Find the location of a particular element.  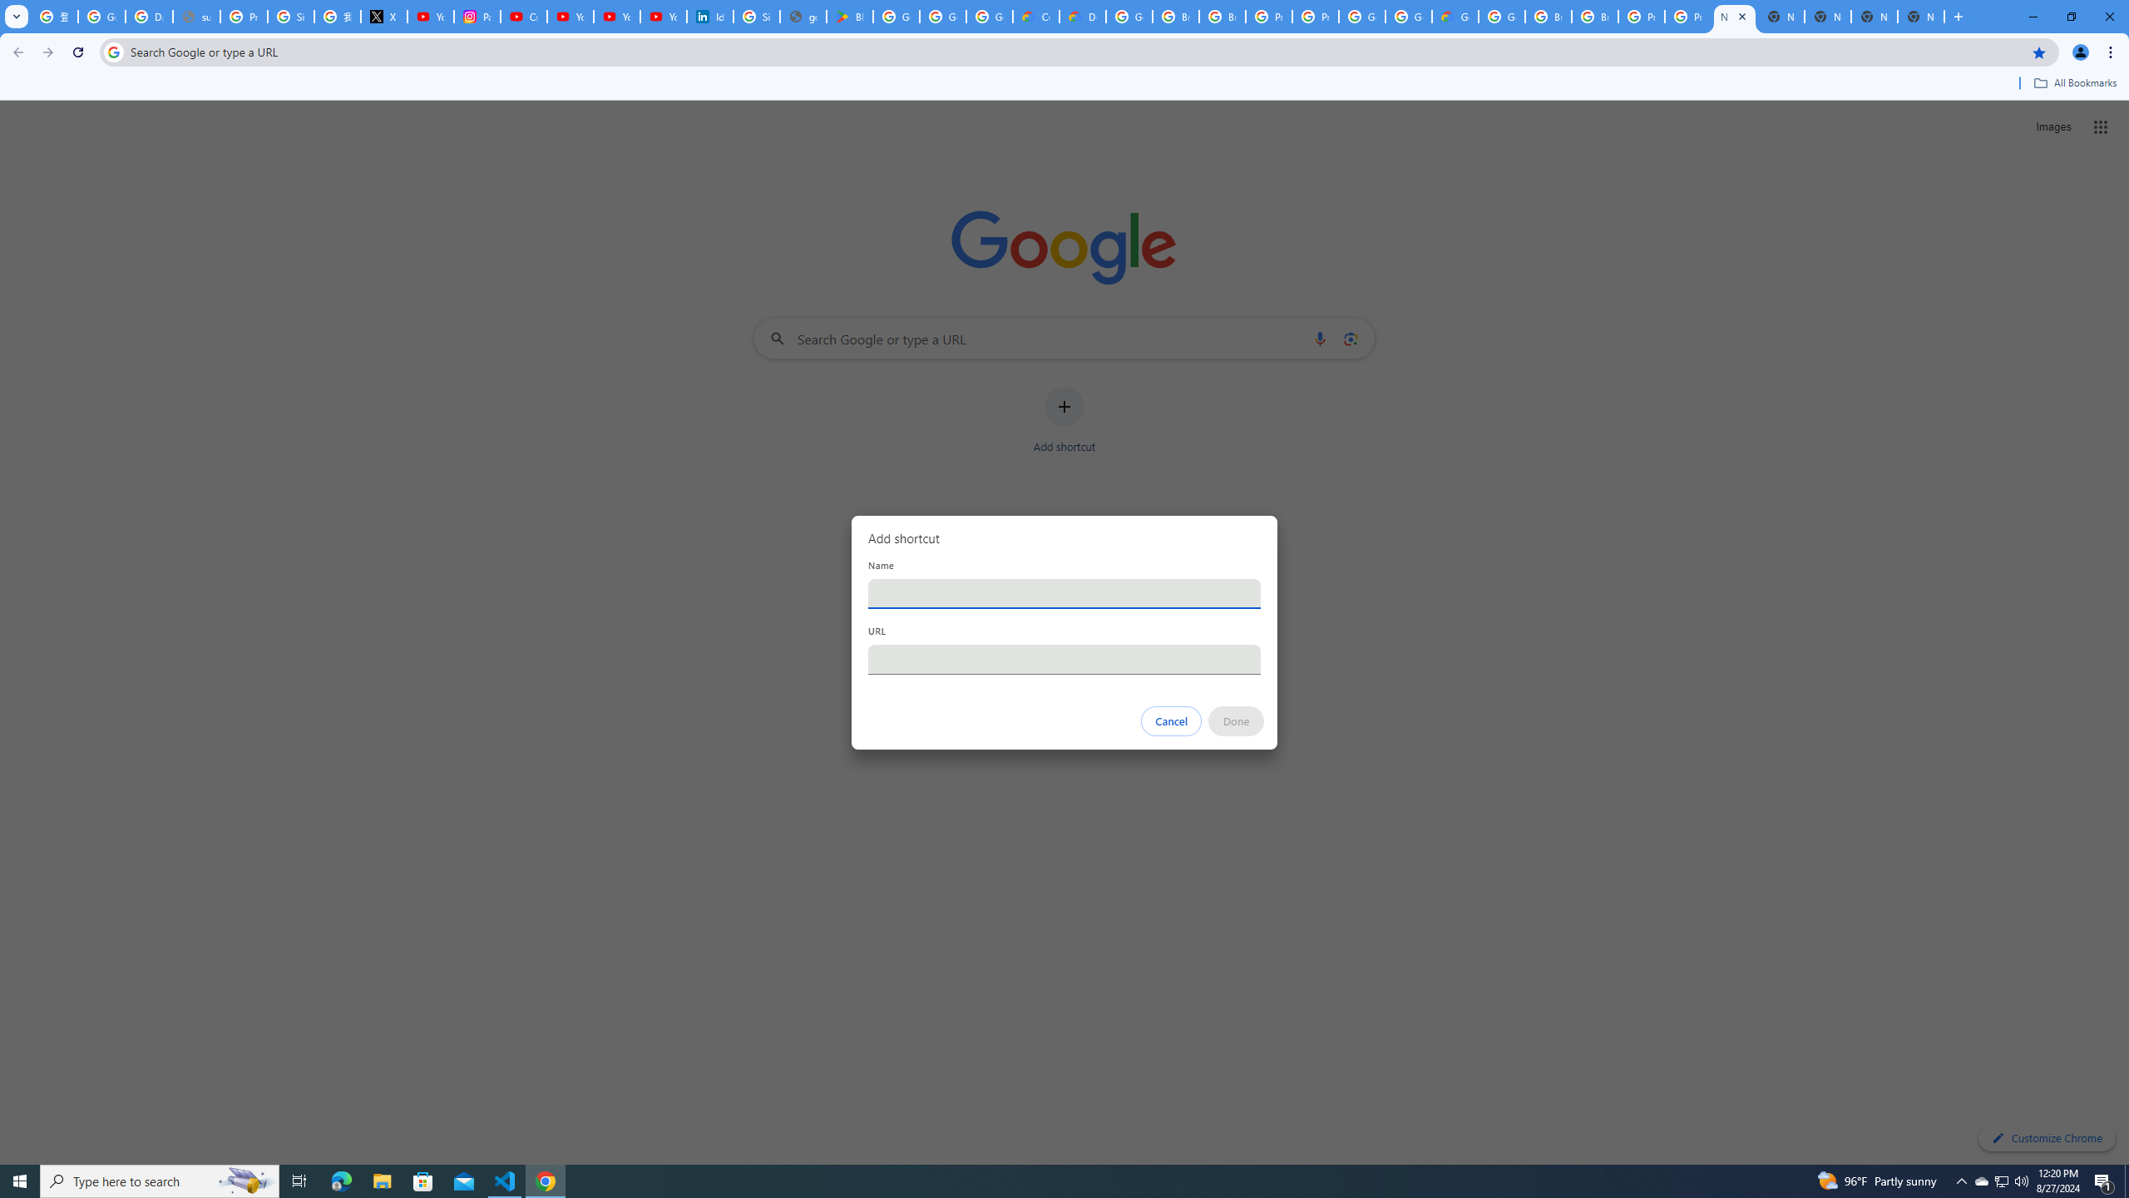

'Cancel' is located at coordinates (1172, 720).